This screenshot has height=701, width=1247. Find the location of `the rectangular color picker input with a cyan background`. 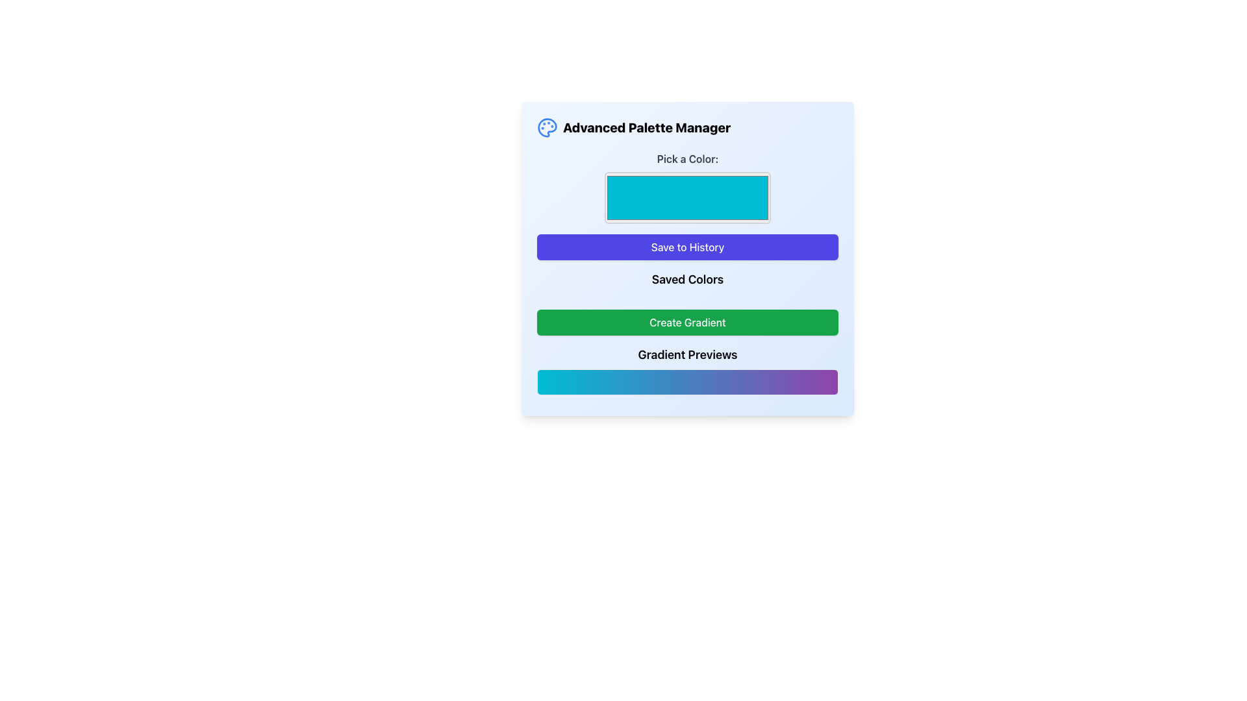

the rectangular color picker input with a cyan background is located at coordinates (687, 197).